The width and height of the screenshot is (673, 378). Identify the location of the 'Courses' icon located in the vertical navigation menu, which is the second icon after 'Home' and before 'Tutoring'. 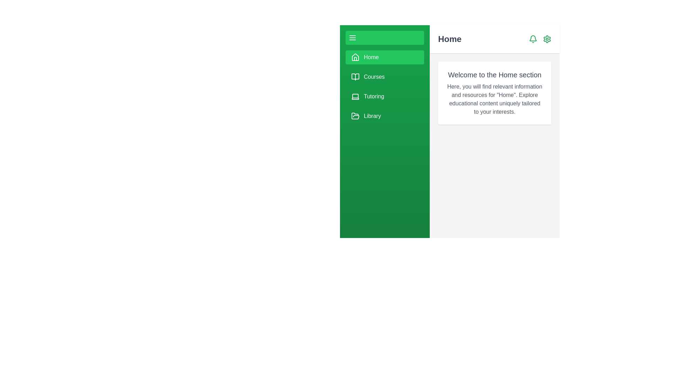
(355, 77).